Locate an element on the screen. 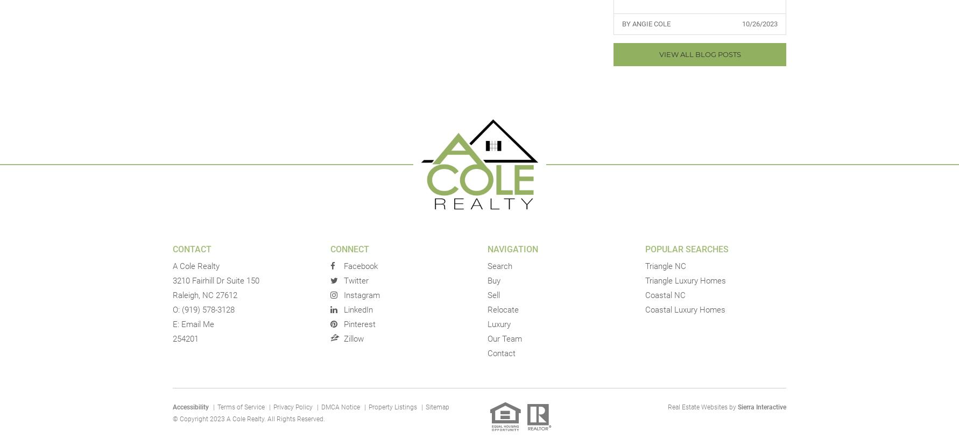  'Real Estate Websites by' is located at coordinates (703, 407).